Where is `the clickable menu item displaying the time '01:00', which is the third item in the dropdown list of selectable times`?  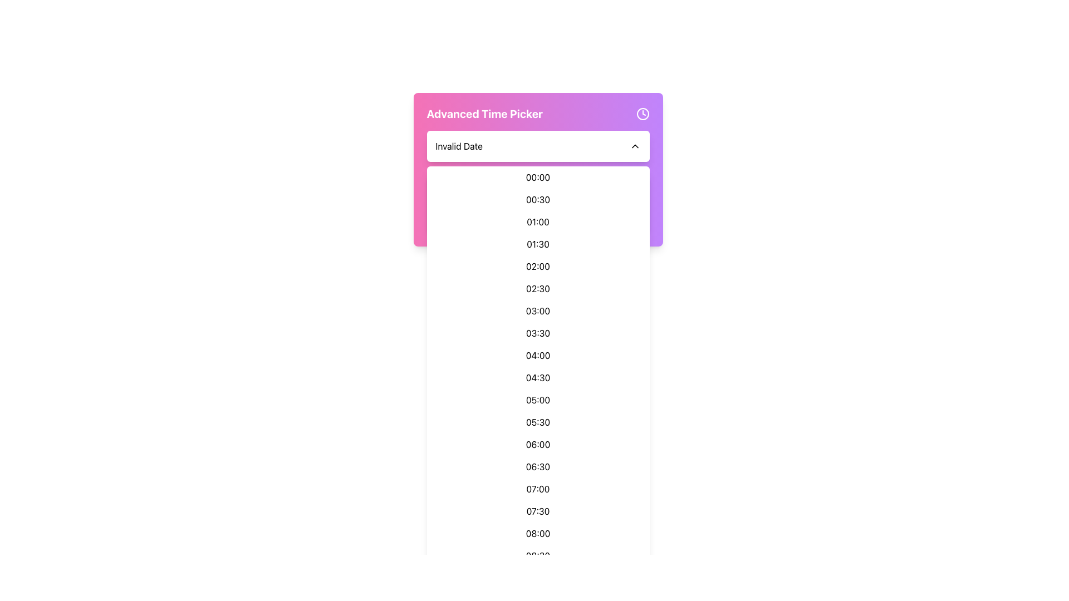 the clickable menu item displaying the time '01:00', which is the third item in the dropdown list of selectable times is located at coordinates (538, 221).